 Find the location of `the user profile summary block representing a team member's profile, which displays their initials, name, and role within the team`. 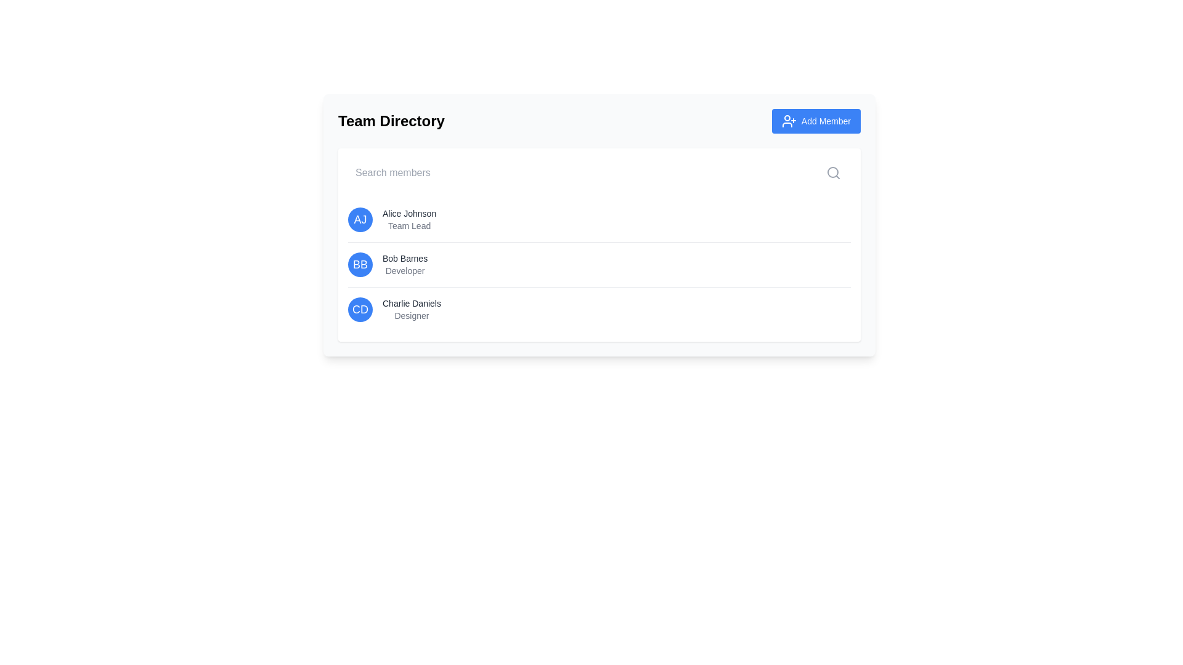

the user profile summary block representing a team member's profile, which displays their initials, name, and role within the team is located at coordinates (600, 308).